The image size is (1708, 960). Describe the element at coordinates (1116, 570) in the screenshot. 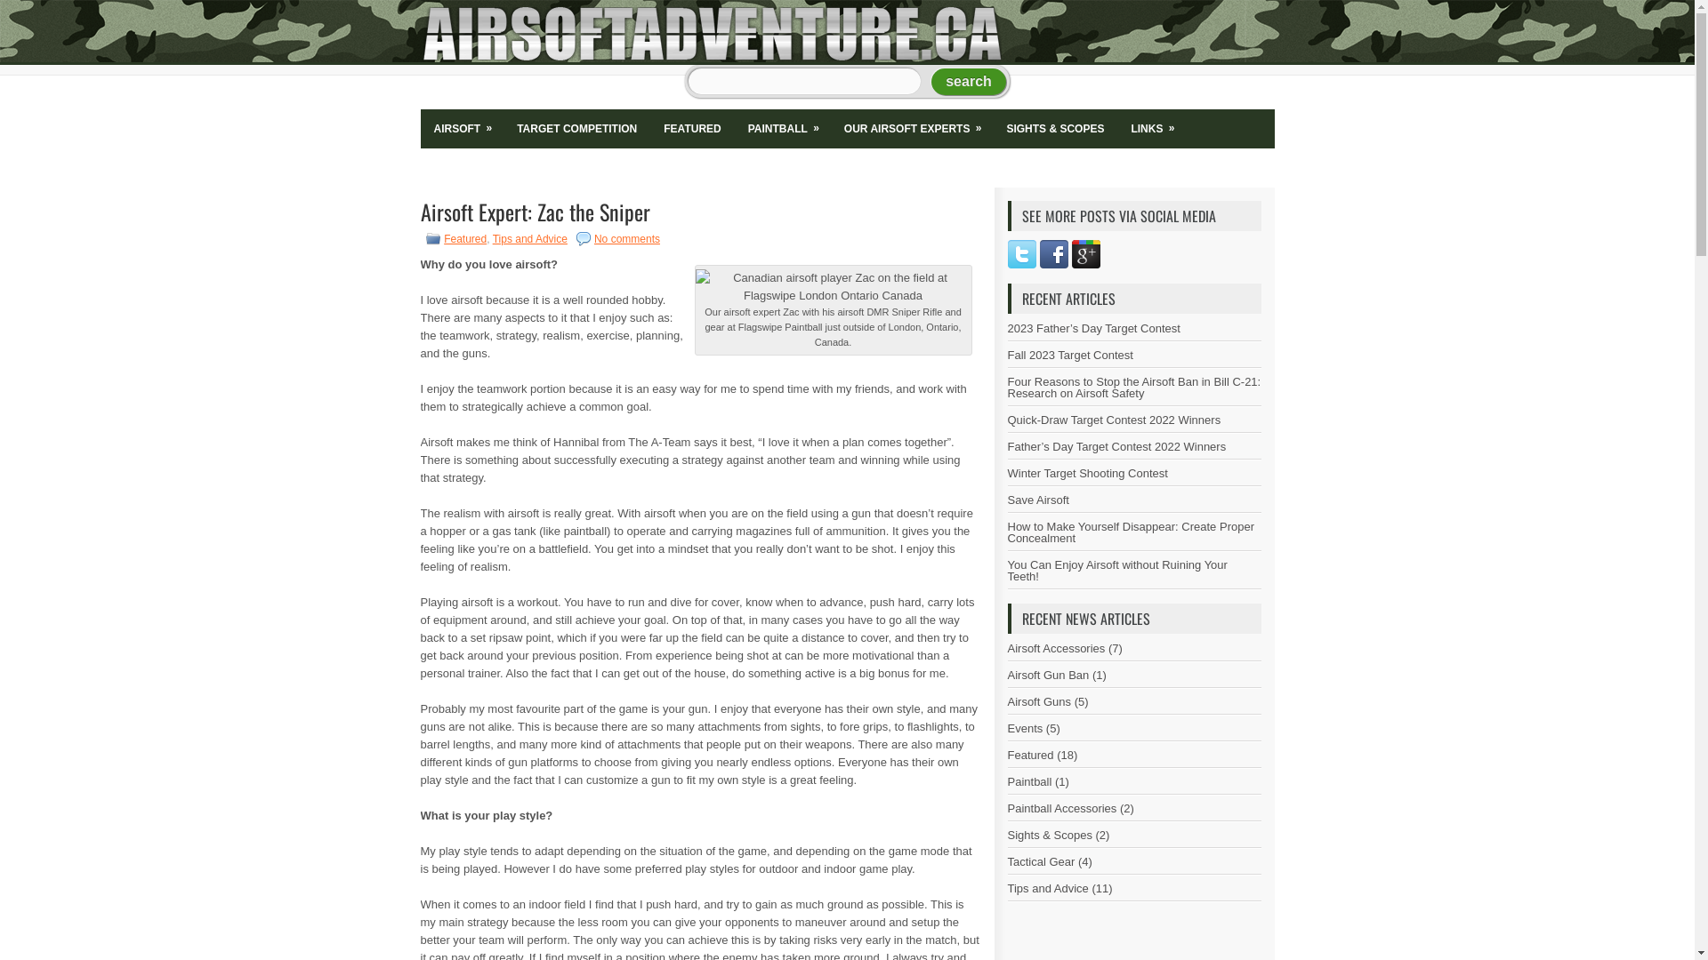

I see `'You Can Enjoy Airsoft without Ruining Your Teeth!'` at that location.